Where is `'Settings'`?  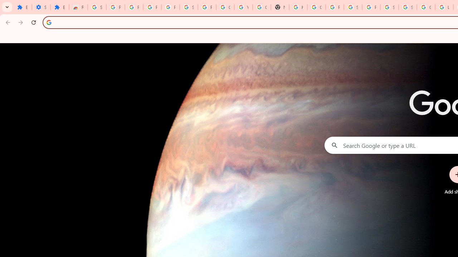 'Settings' is located at coordinates (40, 7).